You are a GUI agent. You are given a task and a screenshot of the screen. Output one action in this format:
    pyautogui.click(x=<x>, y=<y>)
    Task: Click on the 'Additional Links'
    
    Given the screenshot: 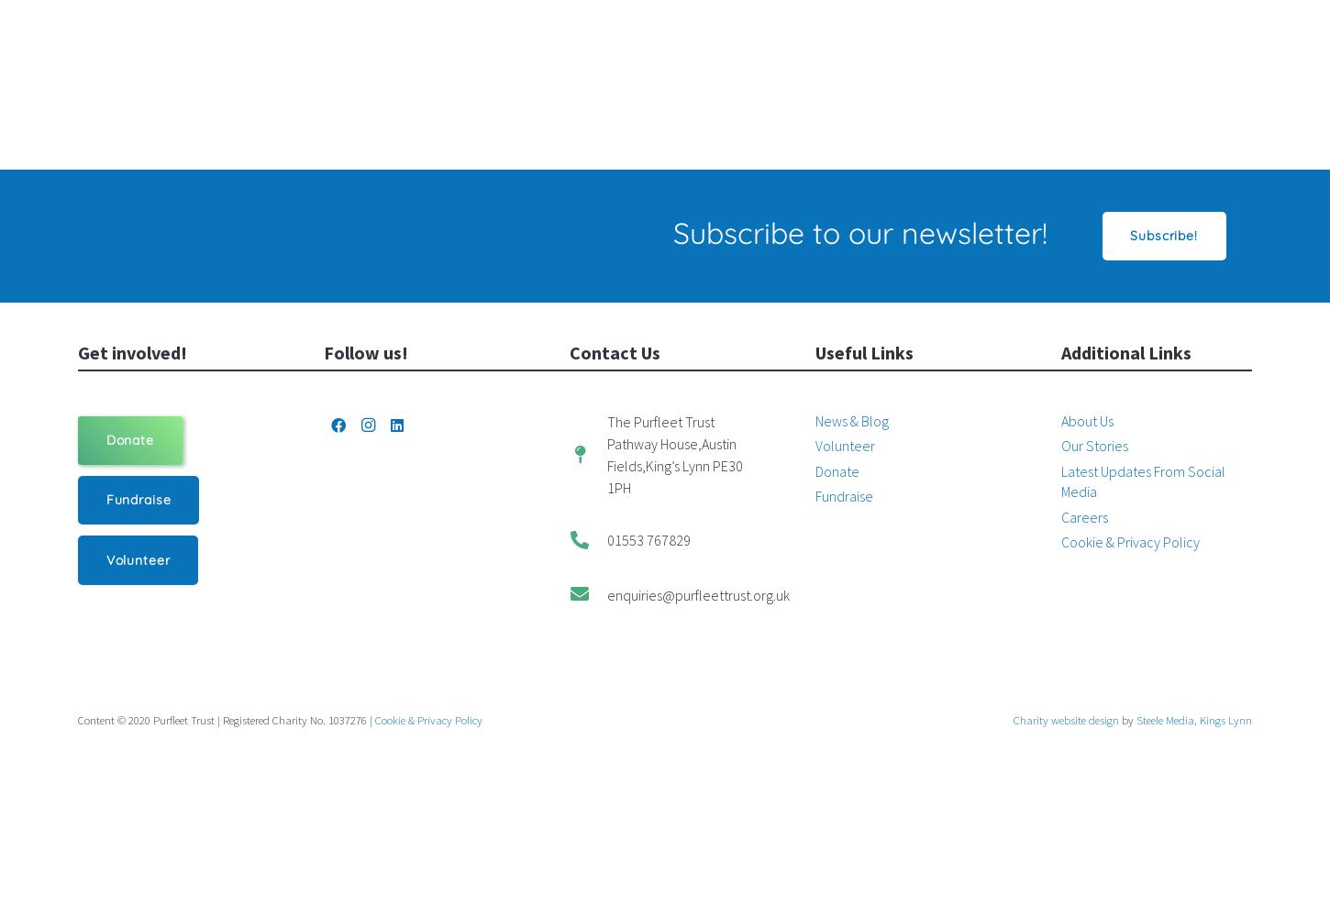 What is the action you would take?
    pyautogui.click(x=1126, y=352)
    